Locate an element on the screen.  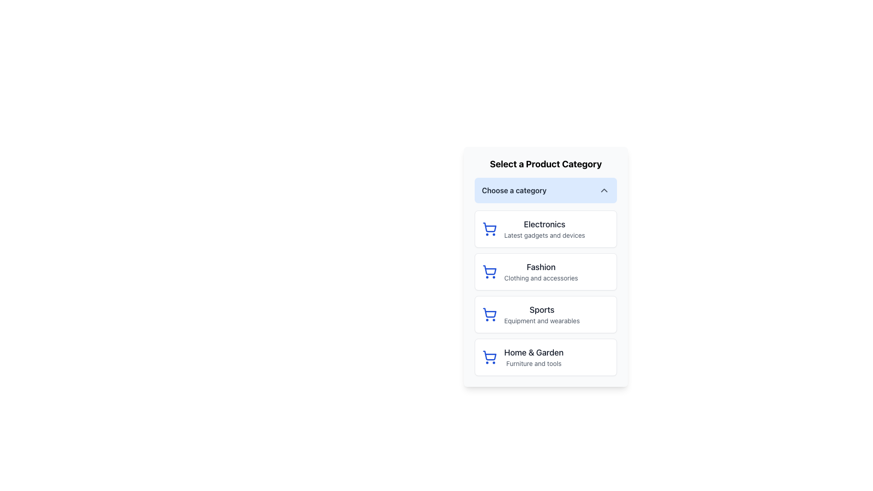
the 'Home & Garden' category icon, which is the last item in the vertical product categories list is located at coordinates (489, 357).